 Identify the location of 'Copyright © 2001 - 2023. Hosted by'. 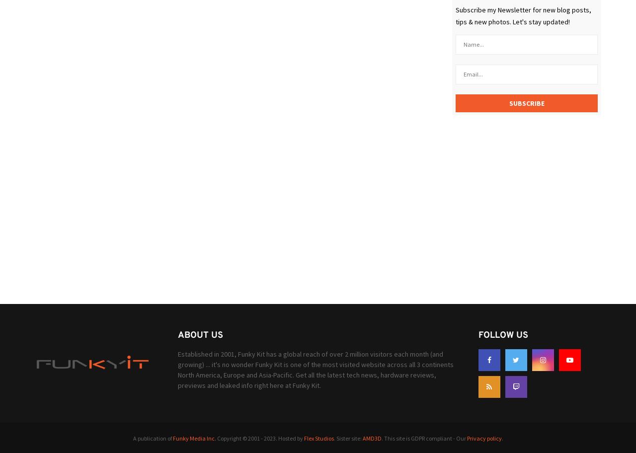
(259, 437).